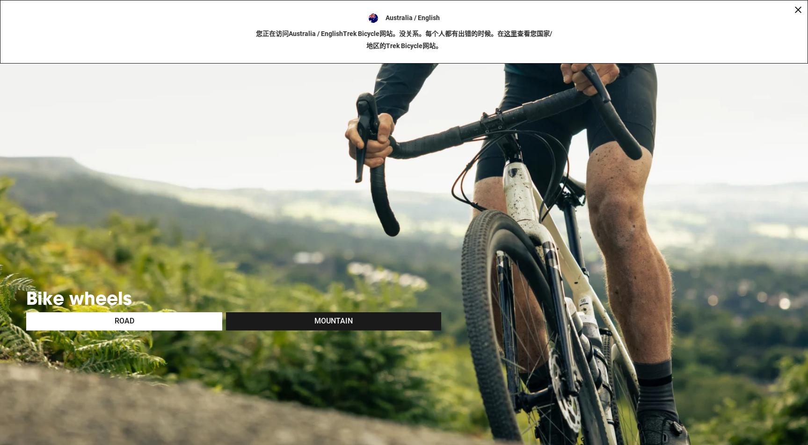  Describe the element at coordinates (539, 28) in the screenshot. I see `'Shops'` at that location.